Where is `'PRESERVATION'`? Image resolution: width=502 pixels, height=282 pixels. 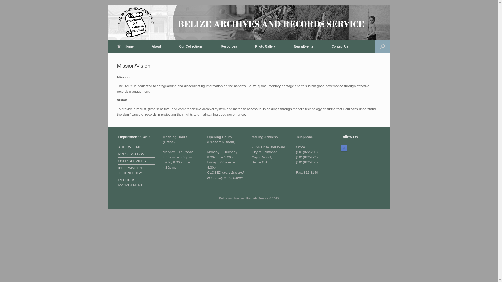
'PRESERVATION' is located at coordinates (136, 155).